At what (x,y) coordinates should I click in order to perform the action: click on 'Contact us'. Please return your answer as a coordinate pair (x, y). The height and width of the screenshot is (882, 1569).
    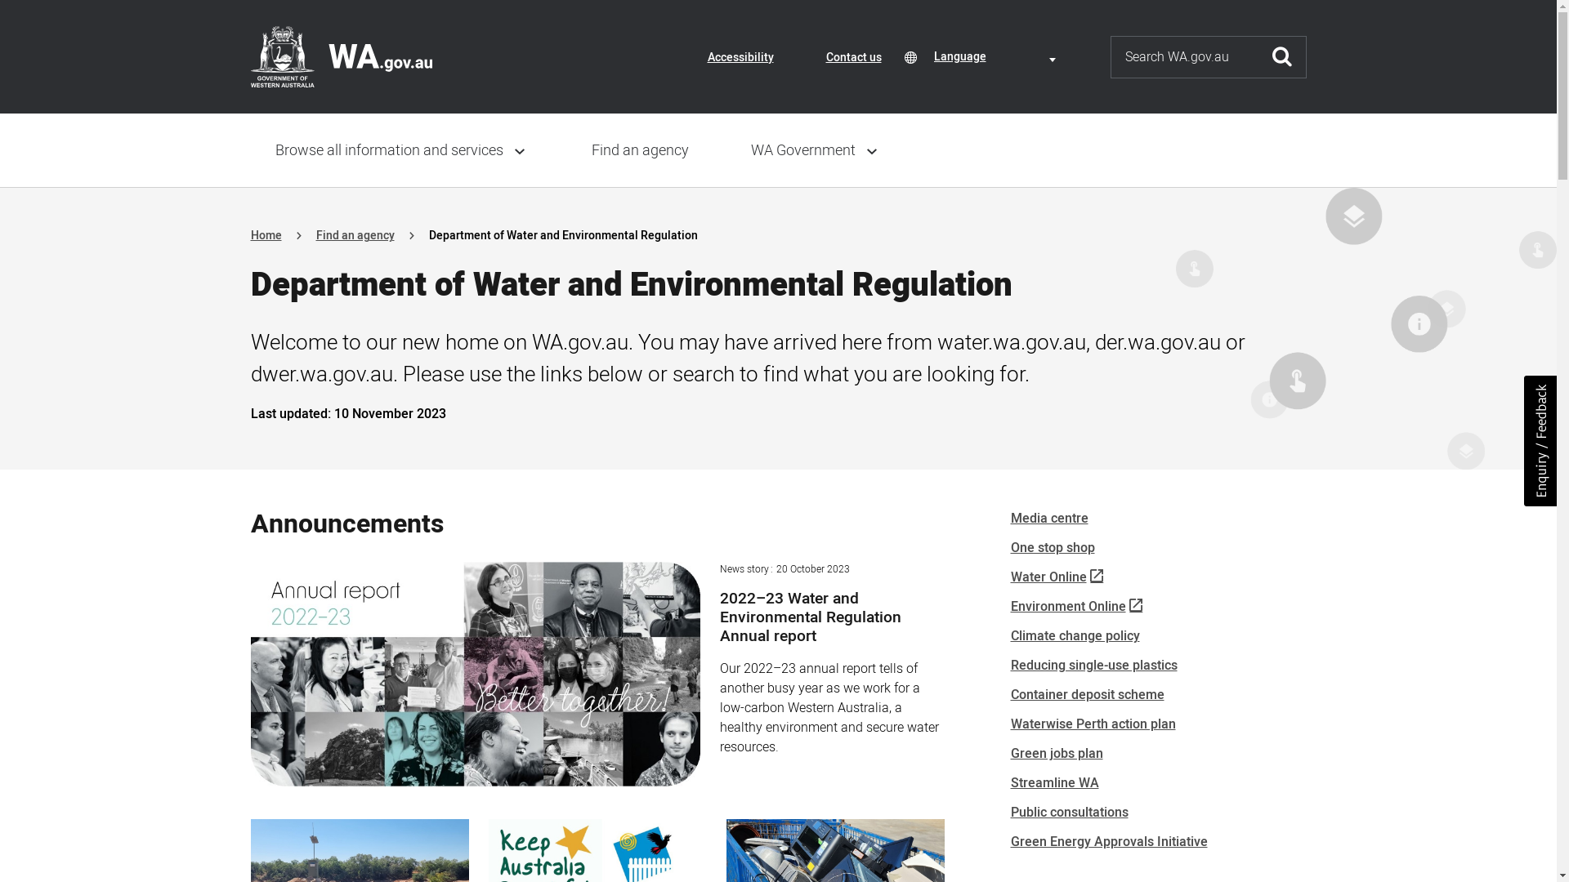
    Looking at the image, I should click on (852, 56).